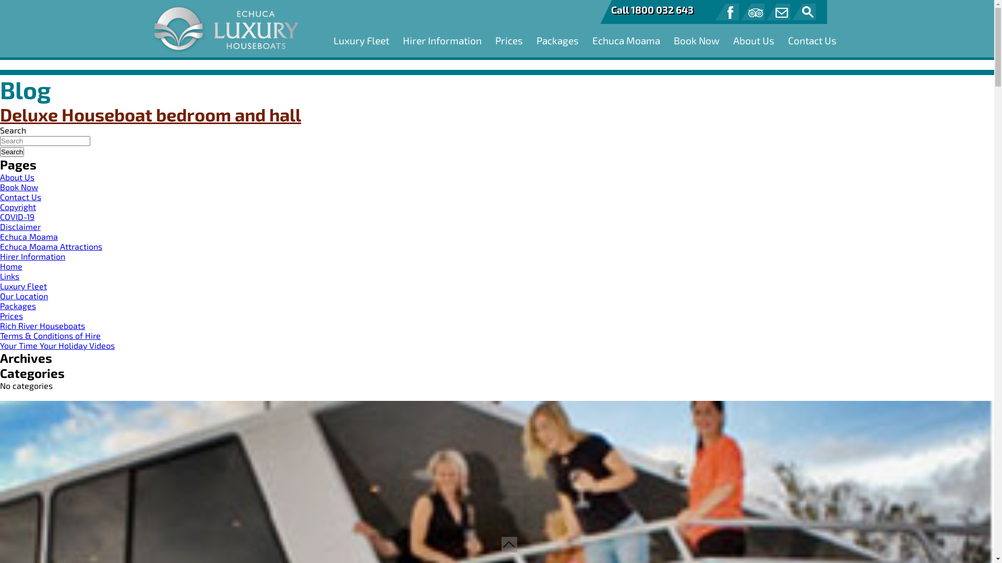  Describe the element at coordinates (723, 40) in the screenshot. I see `'About Us'` at that location.